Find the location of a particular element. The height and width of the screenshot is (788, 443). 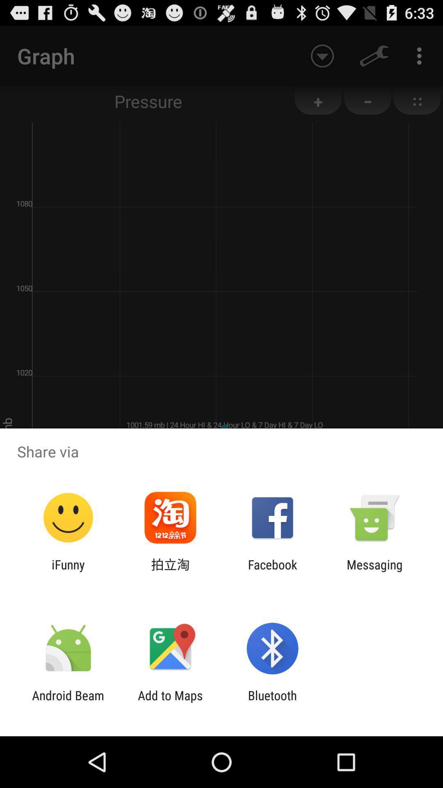

the app next to the bluetooth item is located at coordinates (170, 702).